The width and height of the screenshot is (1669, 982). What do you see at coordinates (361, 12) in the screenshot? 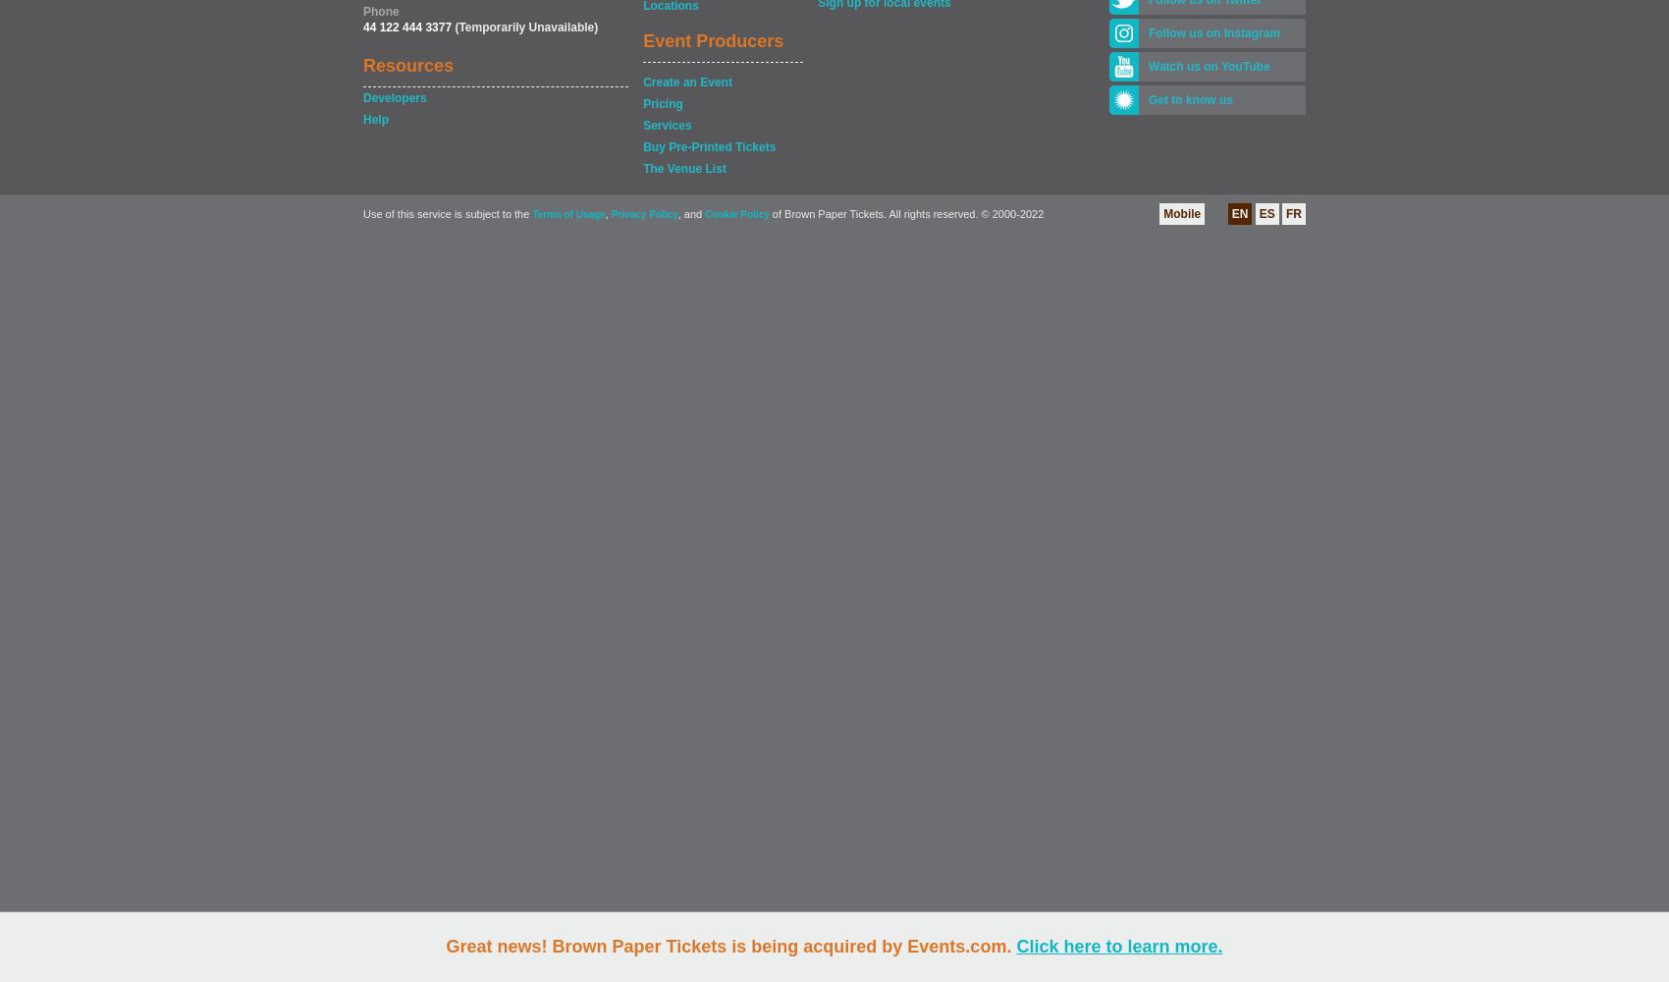
I see `'Phone'` at bounding box center [361, 12].